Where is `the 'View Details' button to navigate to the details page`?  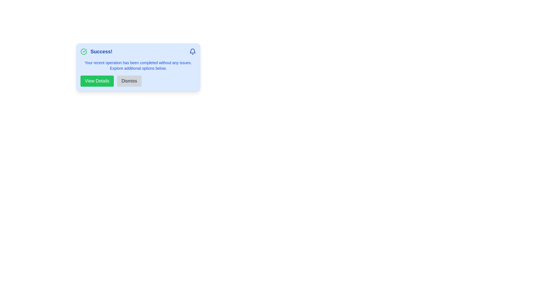
the 'View Details' button to navigate to the details page is located at coordinates (97, 81).